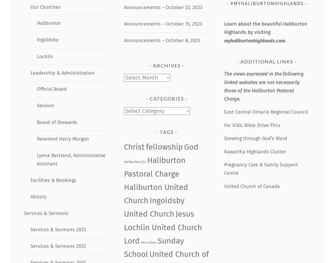  What do you see at coordinates (46, 213) in the screenshot?
I see `'Services & Sermons'` at bounding box center [46, 213].